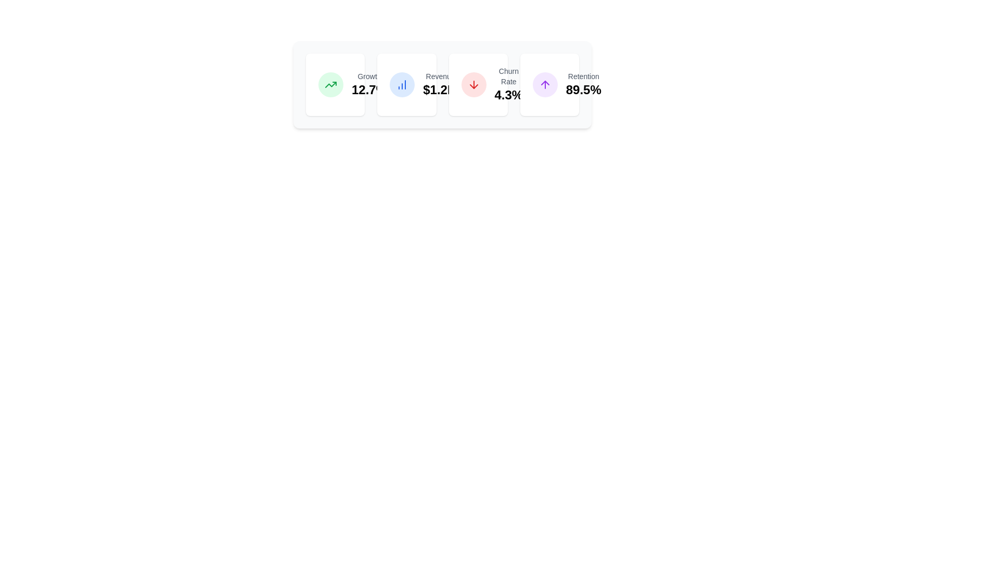  I want to click on the second card from the left that displays the revenue metric ($1.2M) in the UI, so click(442, 84).